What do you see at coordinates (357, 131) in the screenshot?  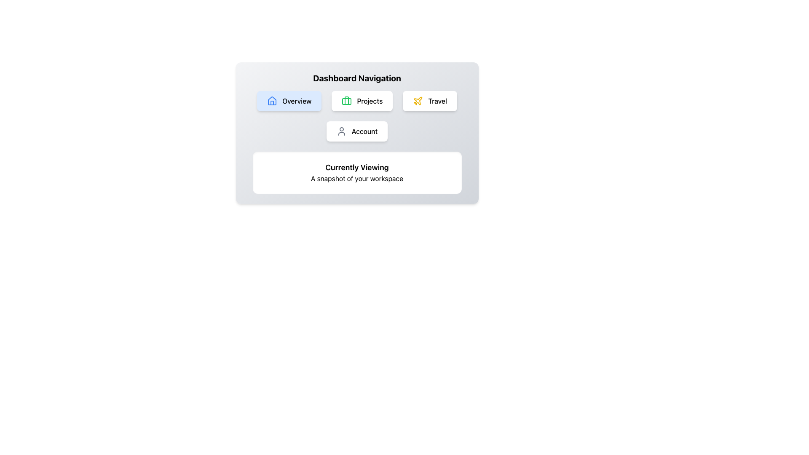 I see `the 'Account' button located at the bottom of the Dashboard Navigation component` at bounding box center [357, 131].